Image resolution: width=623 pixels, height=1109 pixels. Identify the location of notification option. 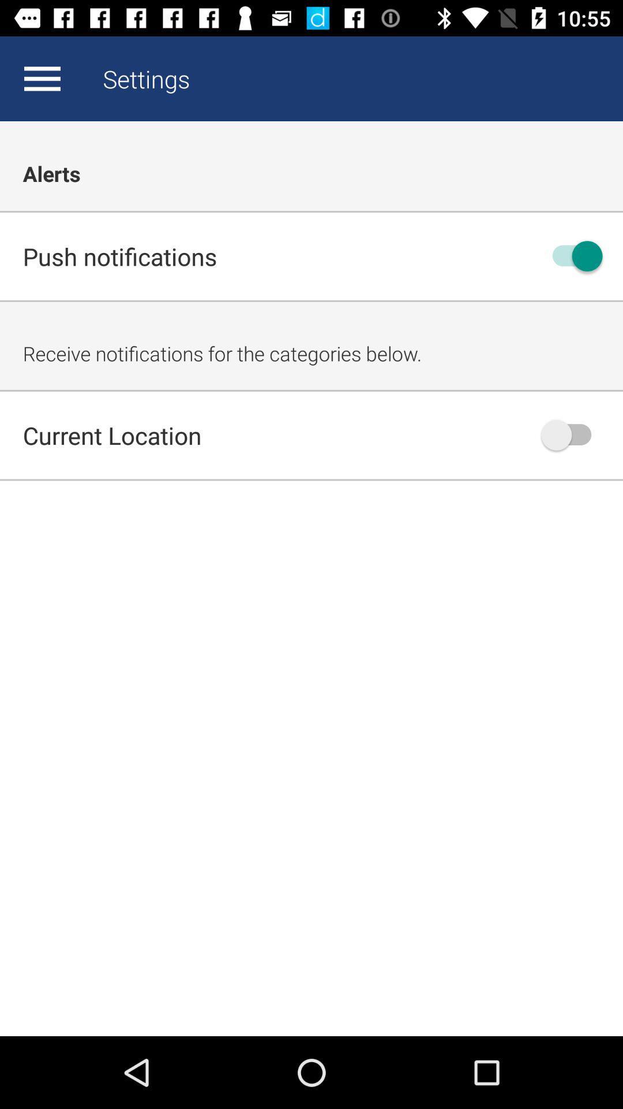
(572, 255).